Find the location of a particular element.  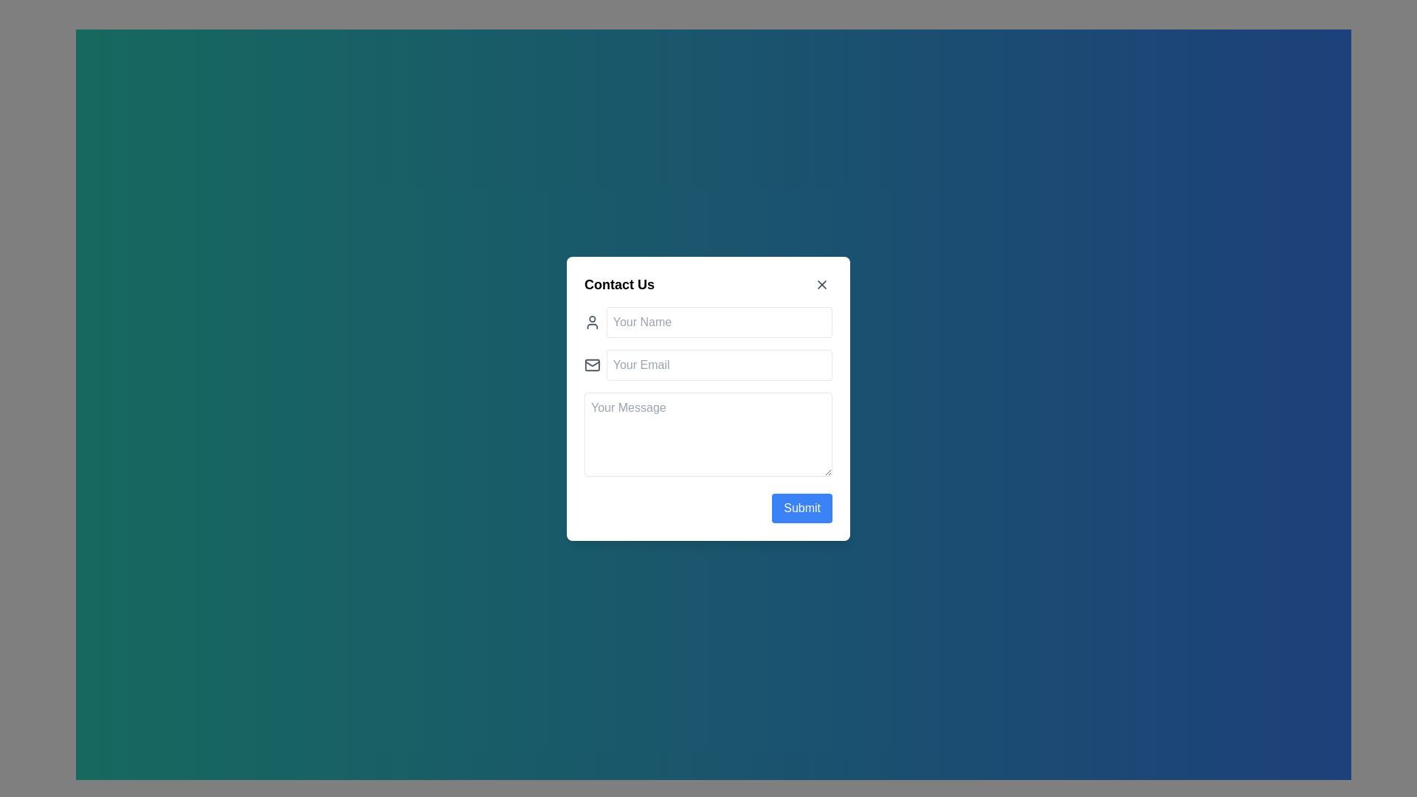

the 'Submit' button with a blue background and white text located at the bottom-right corner of the 'Contact Us' form is located at coordinates (801, 507).